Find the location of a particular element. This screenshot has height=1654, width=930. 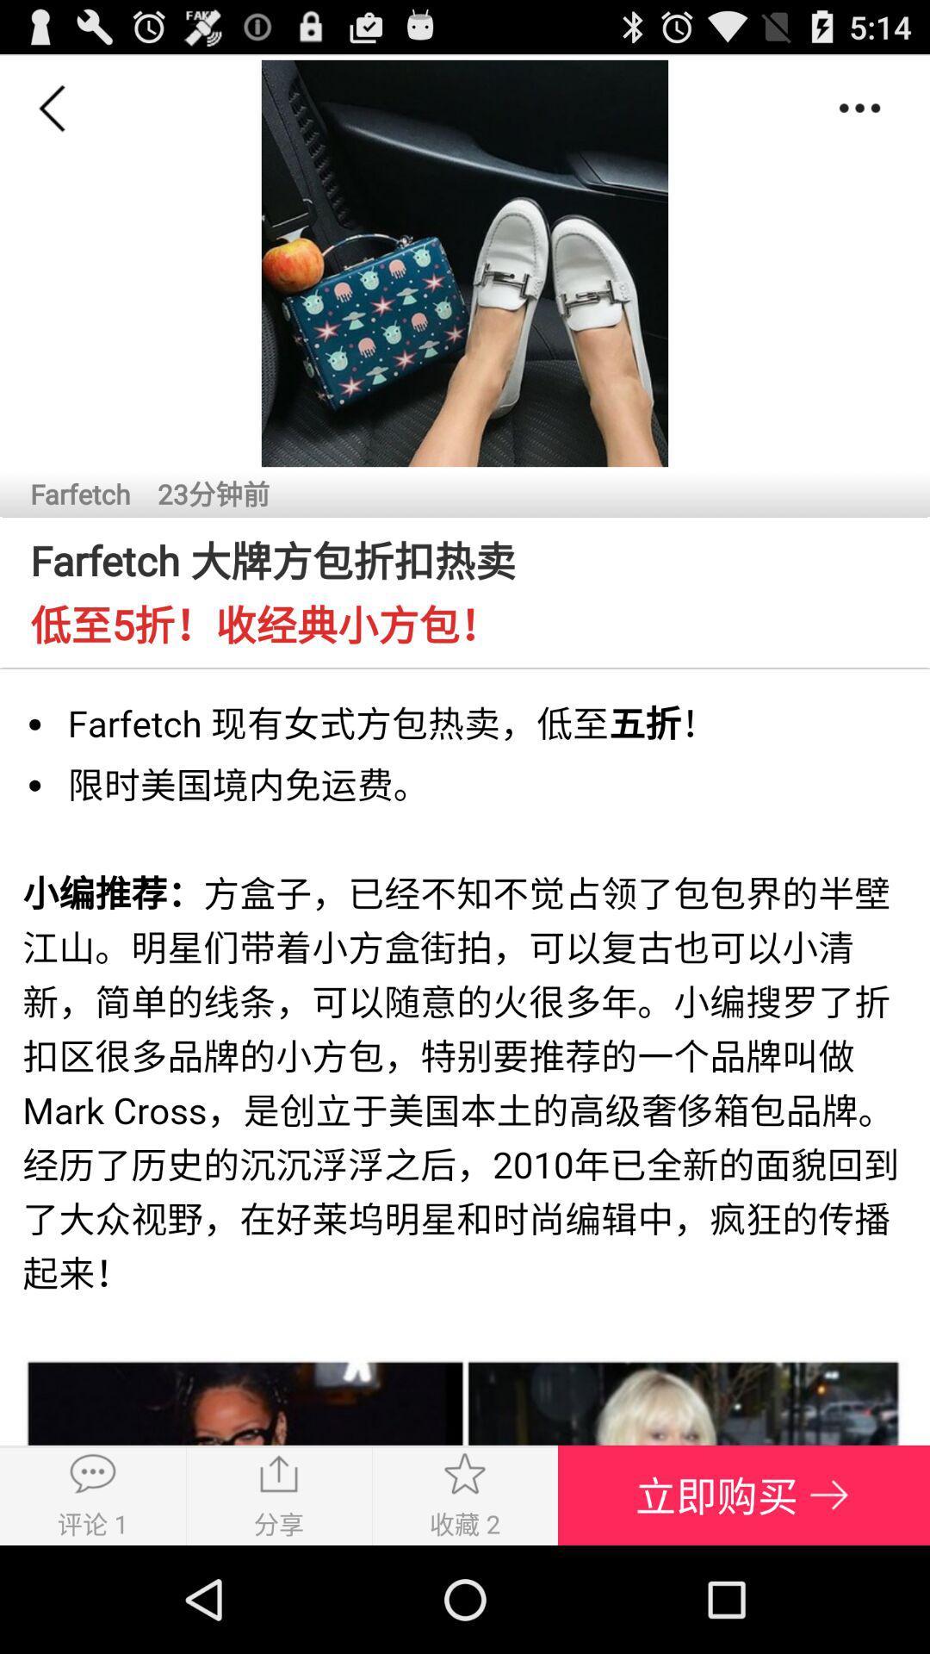

the arrow_backward icon is located at coordinates (51, 115).